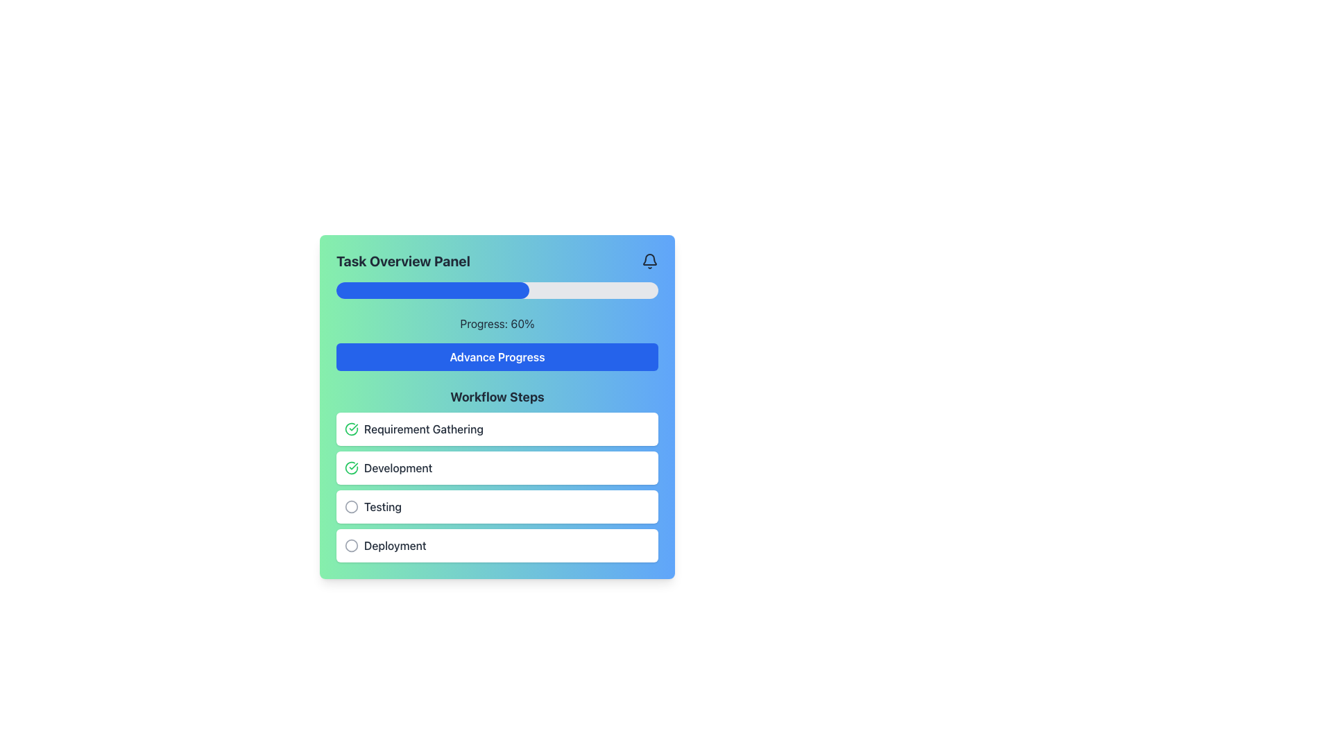 This screenshot has width=1332, height=749. What do you see at coordinates (352, 428) in the screenshot?
I see `the completion status icon located to the left of the 'Requirement Gathering' label, indicating the active status of this step` at bounding box center [352, 428].